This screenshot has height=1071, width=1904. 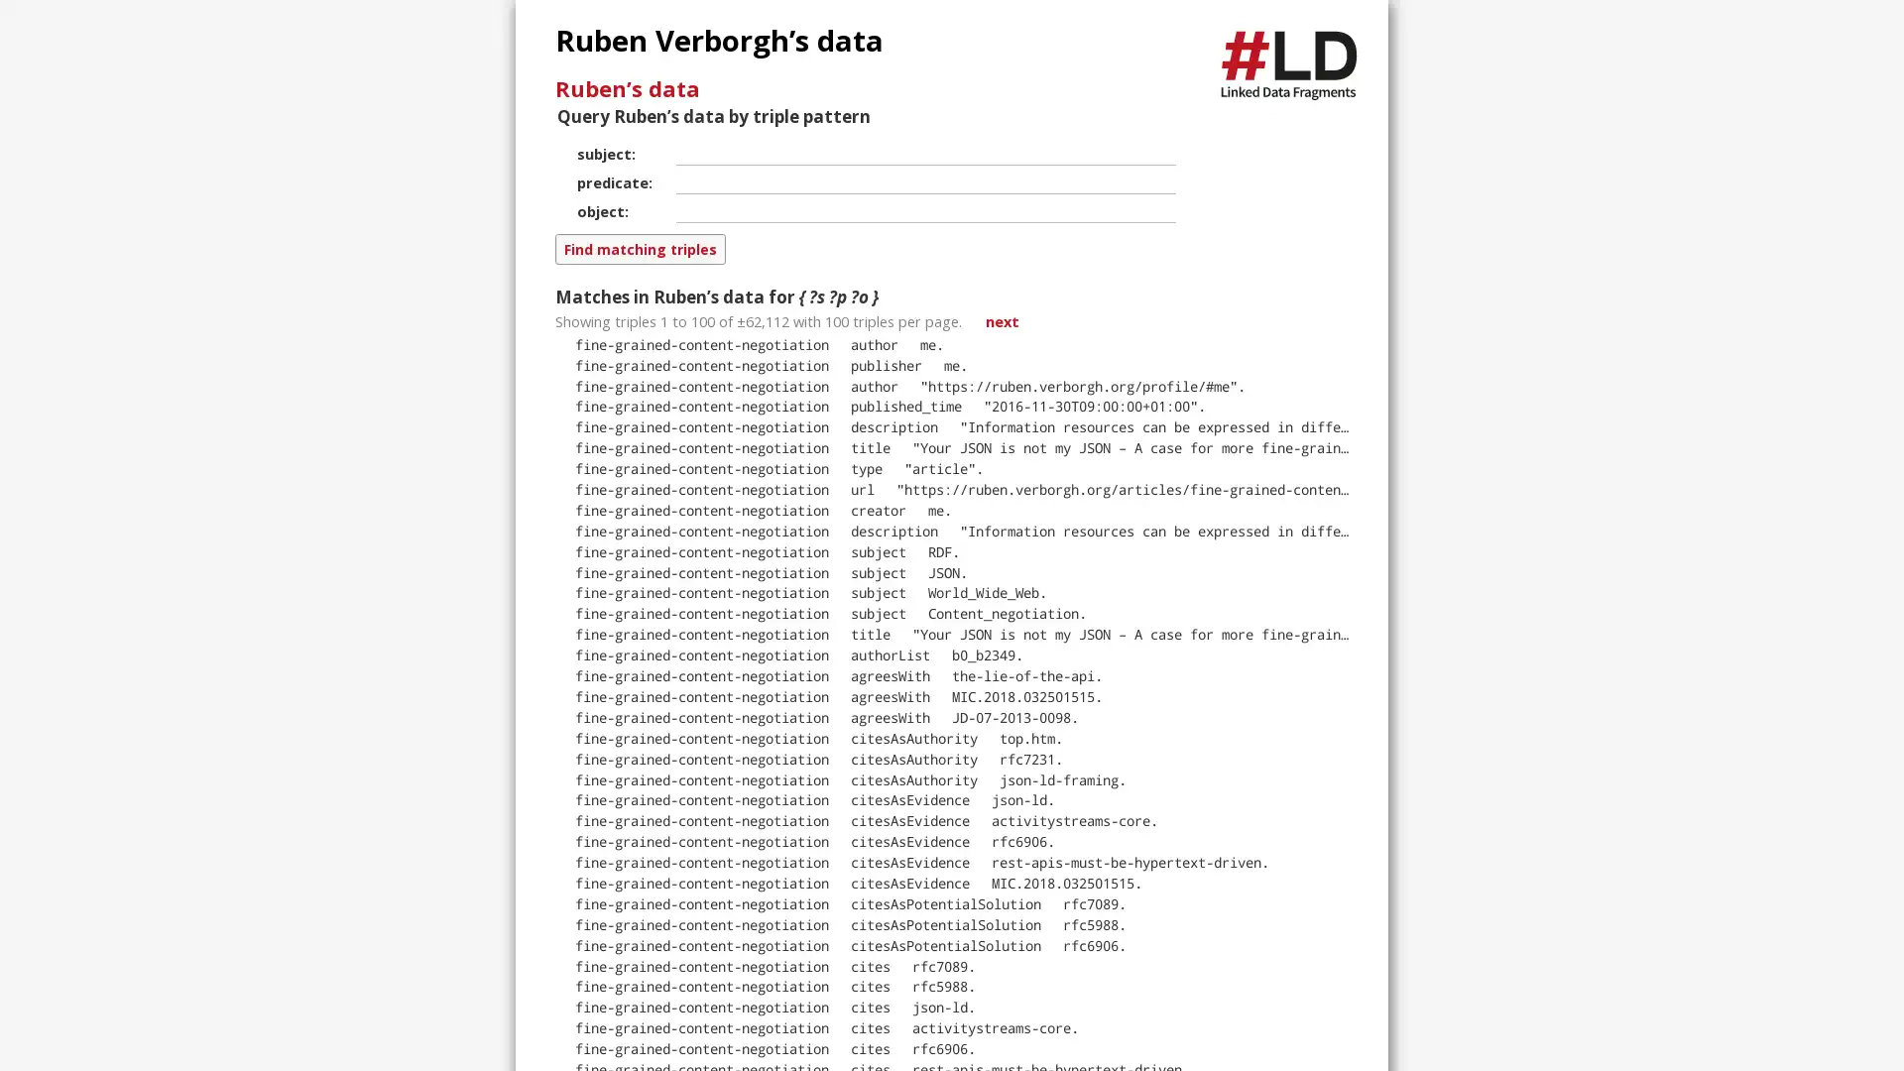 What do you see at coordinates (641, 247) in the screenshot?
I see `Find matching triples` at bounding box center [641, 247].